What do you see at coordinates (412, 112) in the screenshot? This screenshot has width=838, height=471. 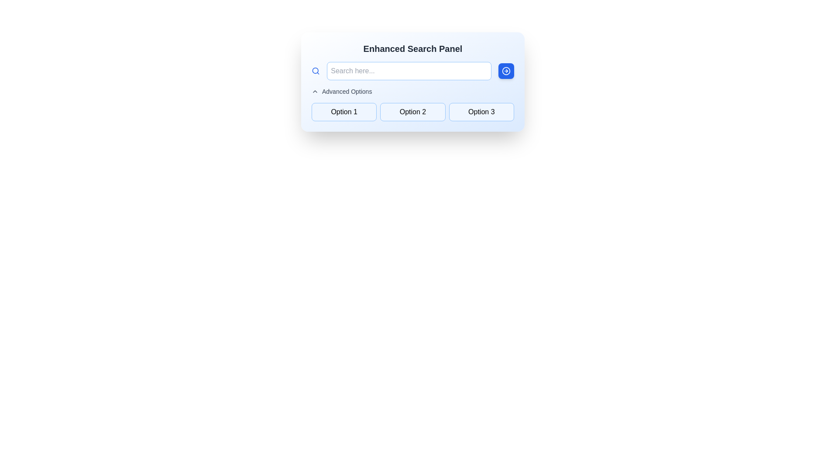 I see `the button labeled 'Option 2', which is a rectangular button with a light blue background and rounded corners` at bounding box center [412, 112].